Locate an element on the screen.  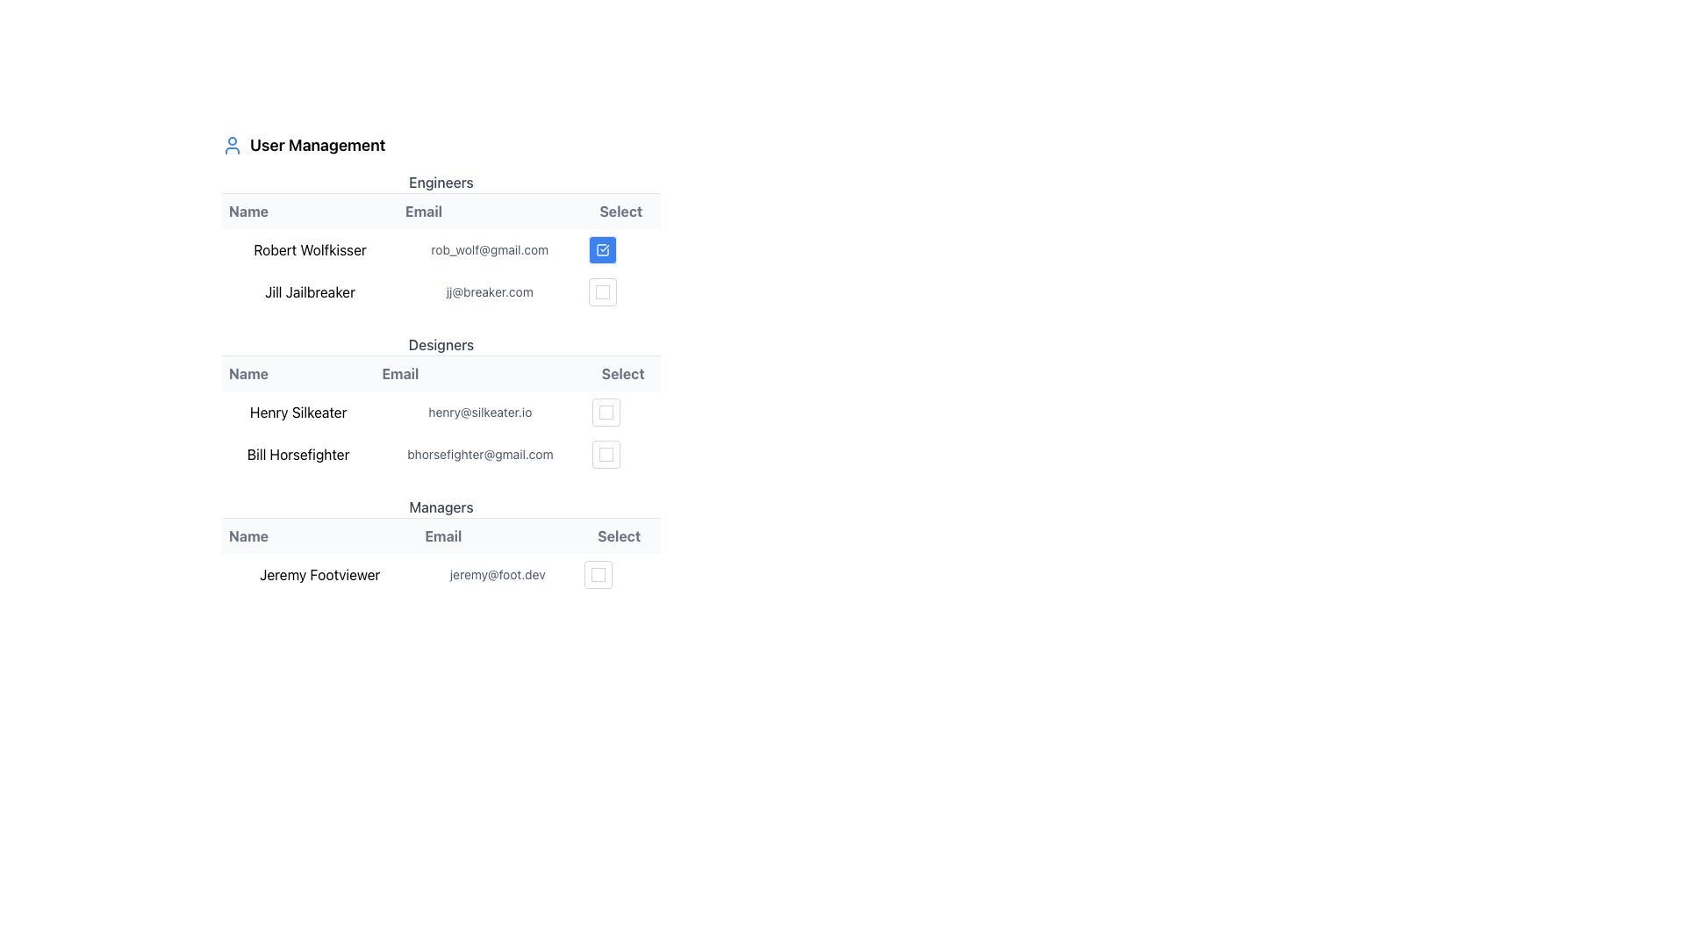
the interactive checkbox for the 'Jeremy Footviewer' entry in the 'Managers' section is located at coordinates (619, 575).